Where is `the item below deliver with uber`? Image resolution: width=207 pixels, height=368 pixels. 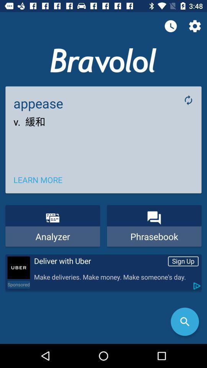
the item below deliver with uber is located at coordinates (115, 277).